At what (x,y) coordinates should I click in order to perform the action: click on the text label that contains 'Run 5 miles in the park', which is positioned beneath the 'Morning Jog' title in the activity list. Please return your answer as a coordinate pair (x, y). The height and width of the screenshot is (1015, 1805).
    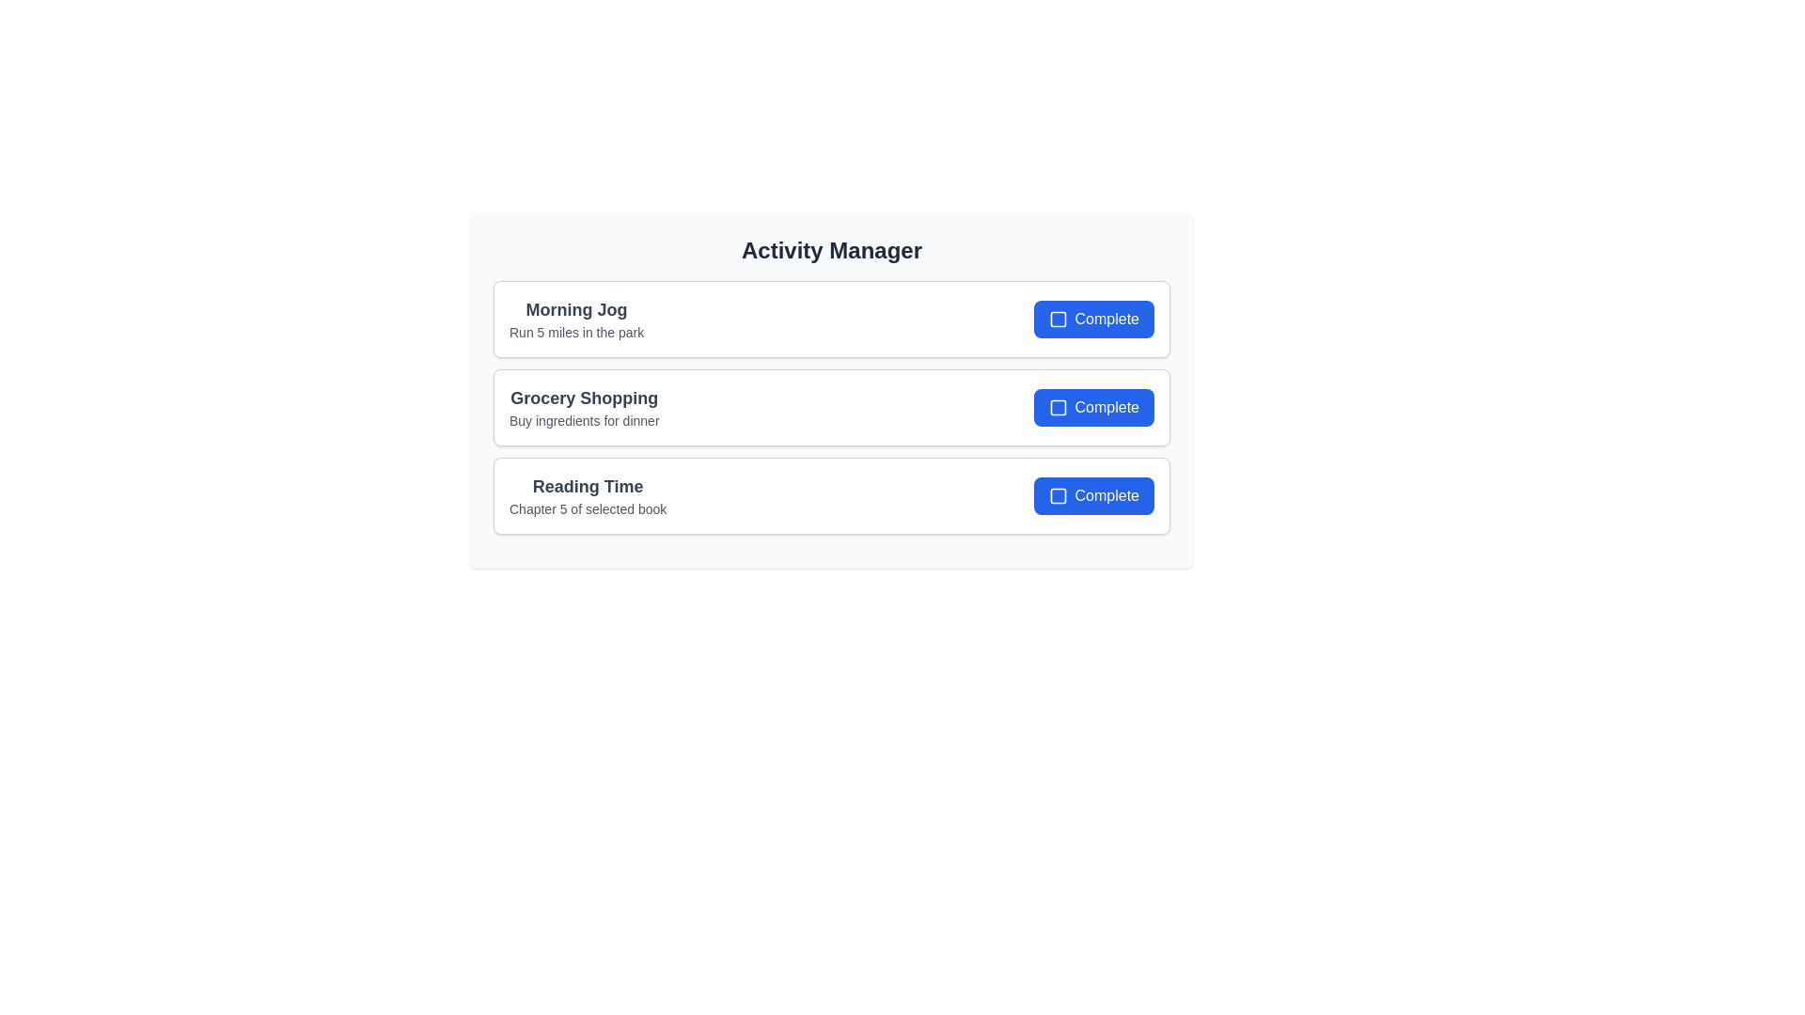
    Looking at the image, I should click on (575, 332).